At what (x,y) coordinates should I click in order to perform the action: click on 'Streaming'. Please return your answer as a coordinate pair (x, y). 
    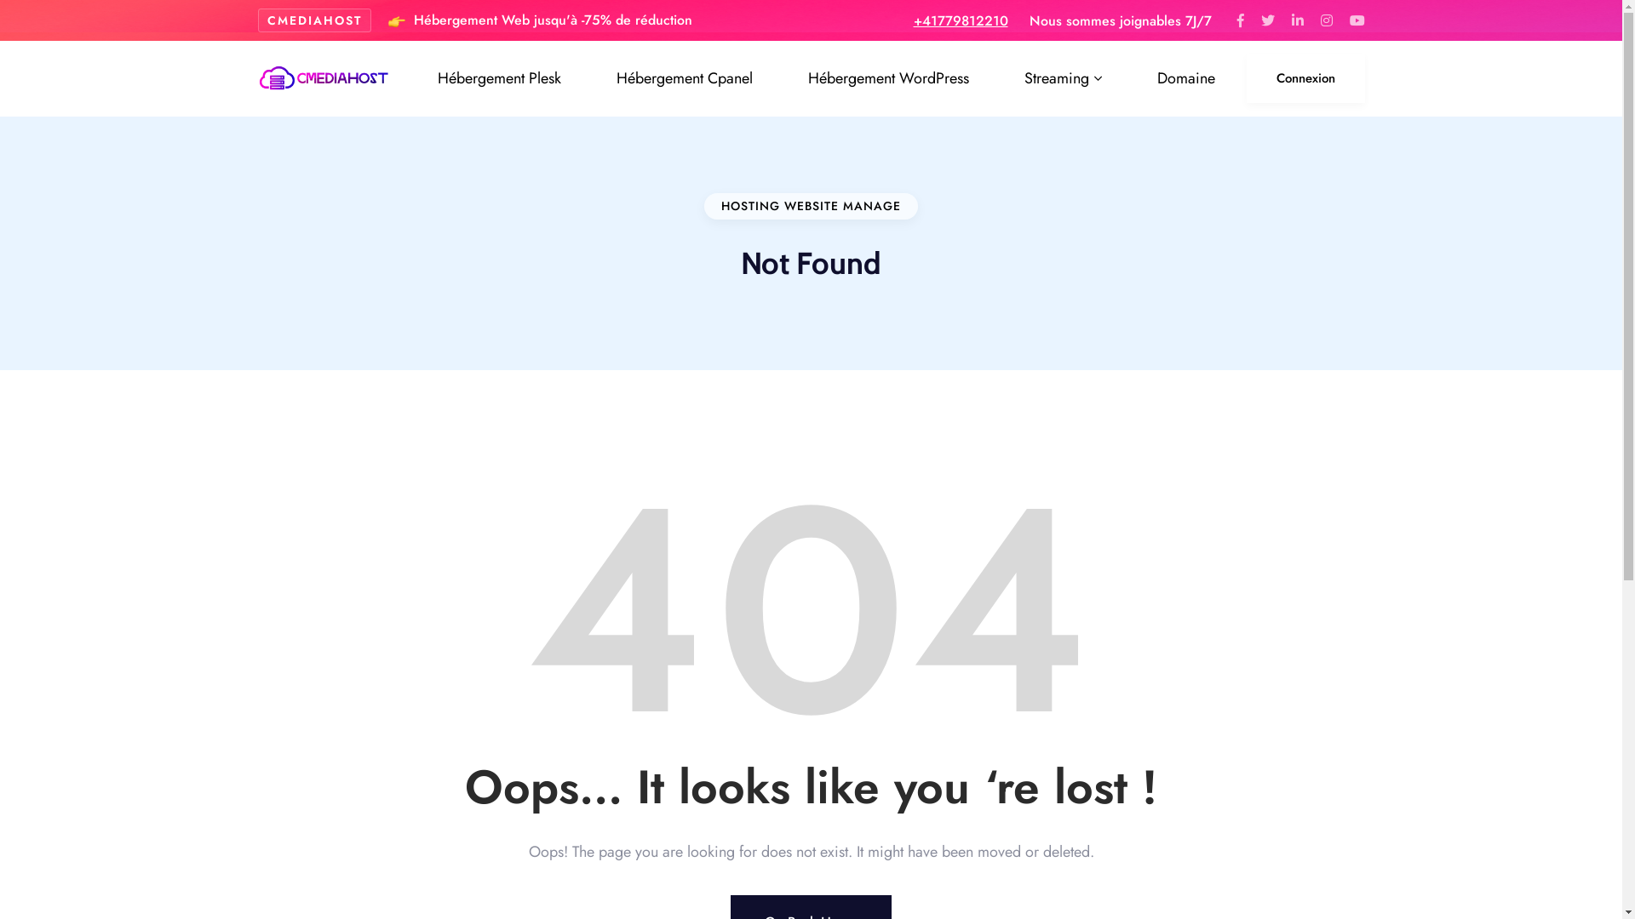
    Looking at the image, I should click on (1012, 78).